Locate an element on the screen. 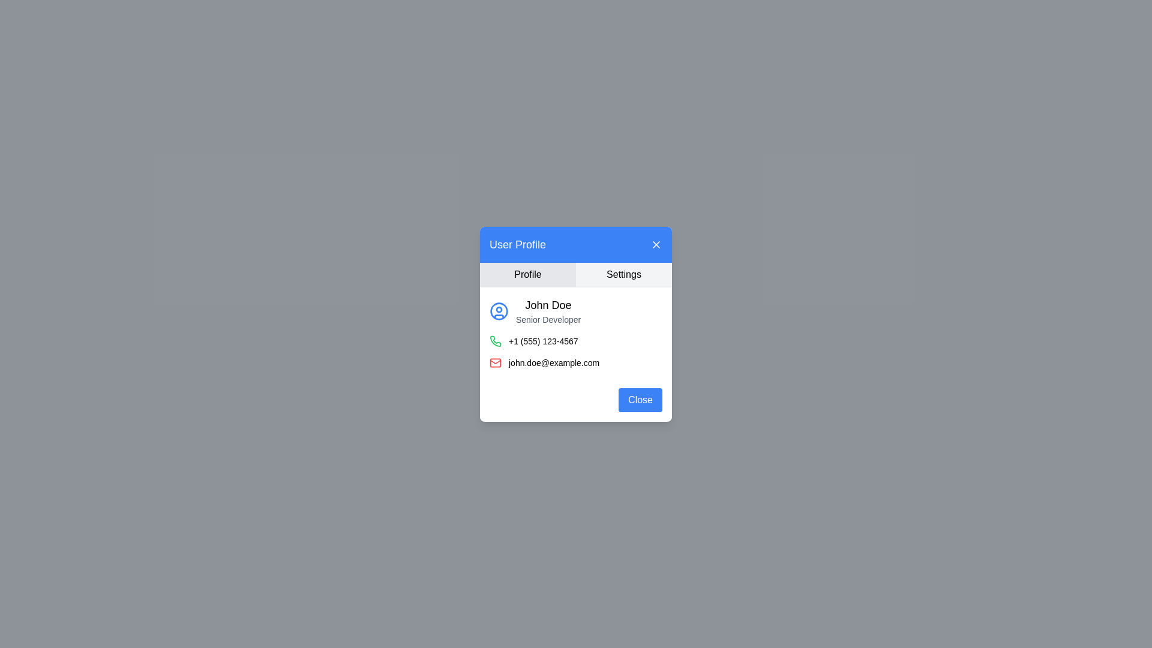  the envelope icon located in the contact information section of the profile display window is located at coordinates (495, 360).